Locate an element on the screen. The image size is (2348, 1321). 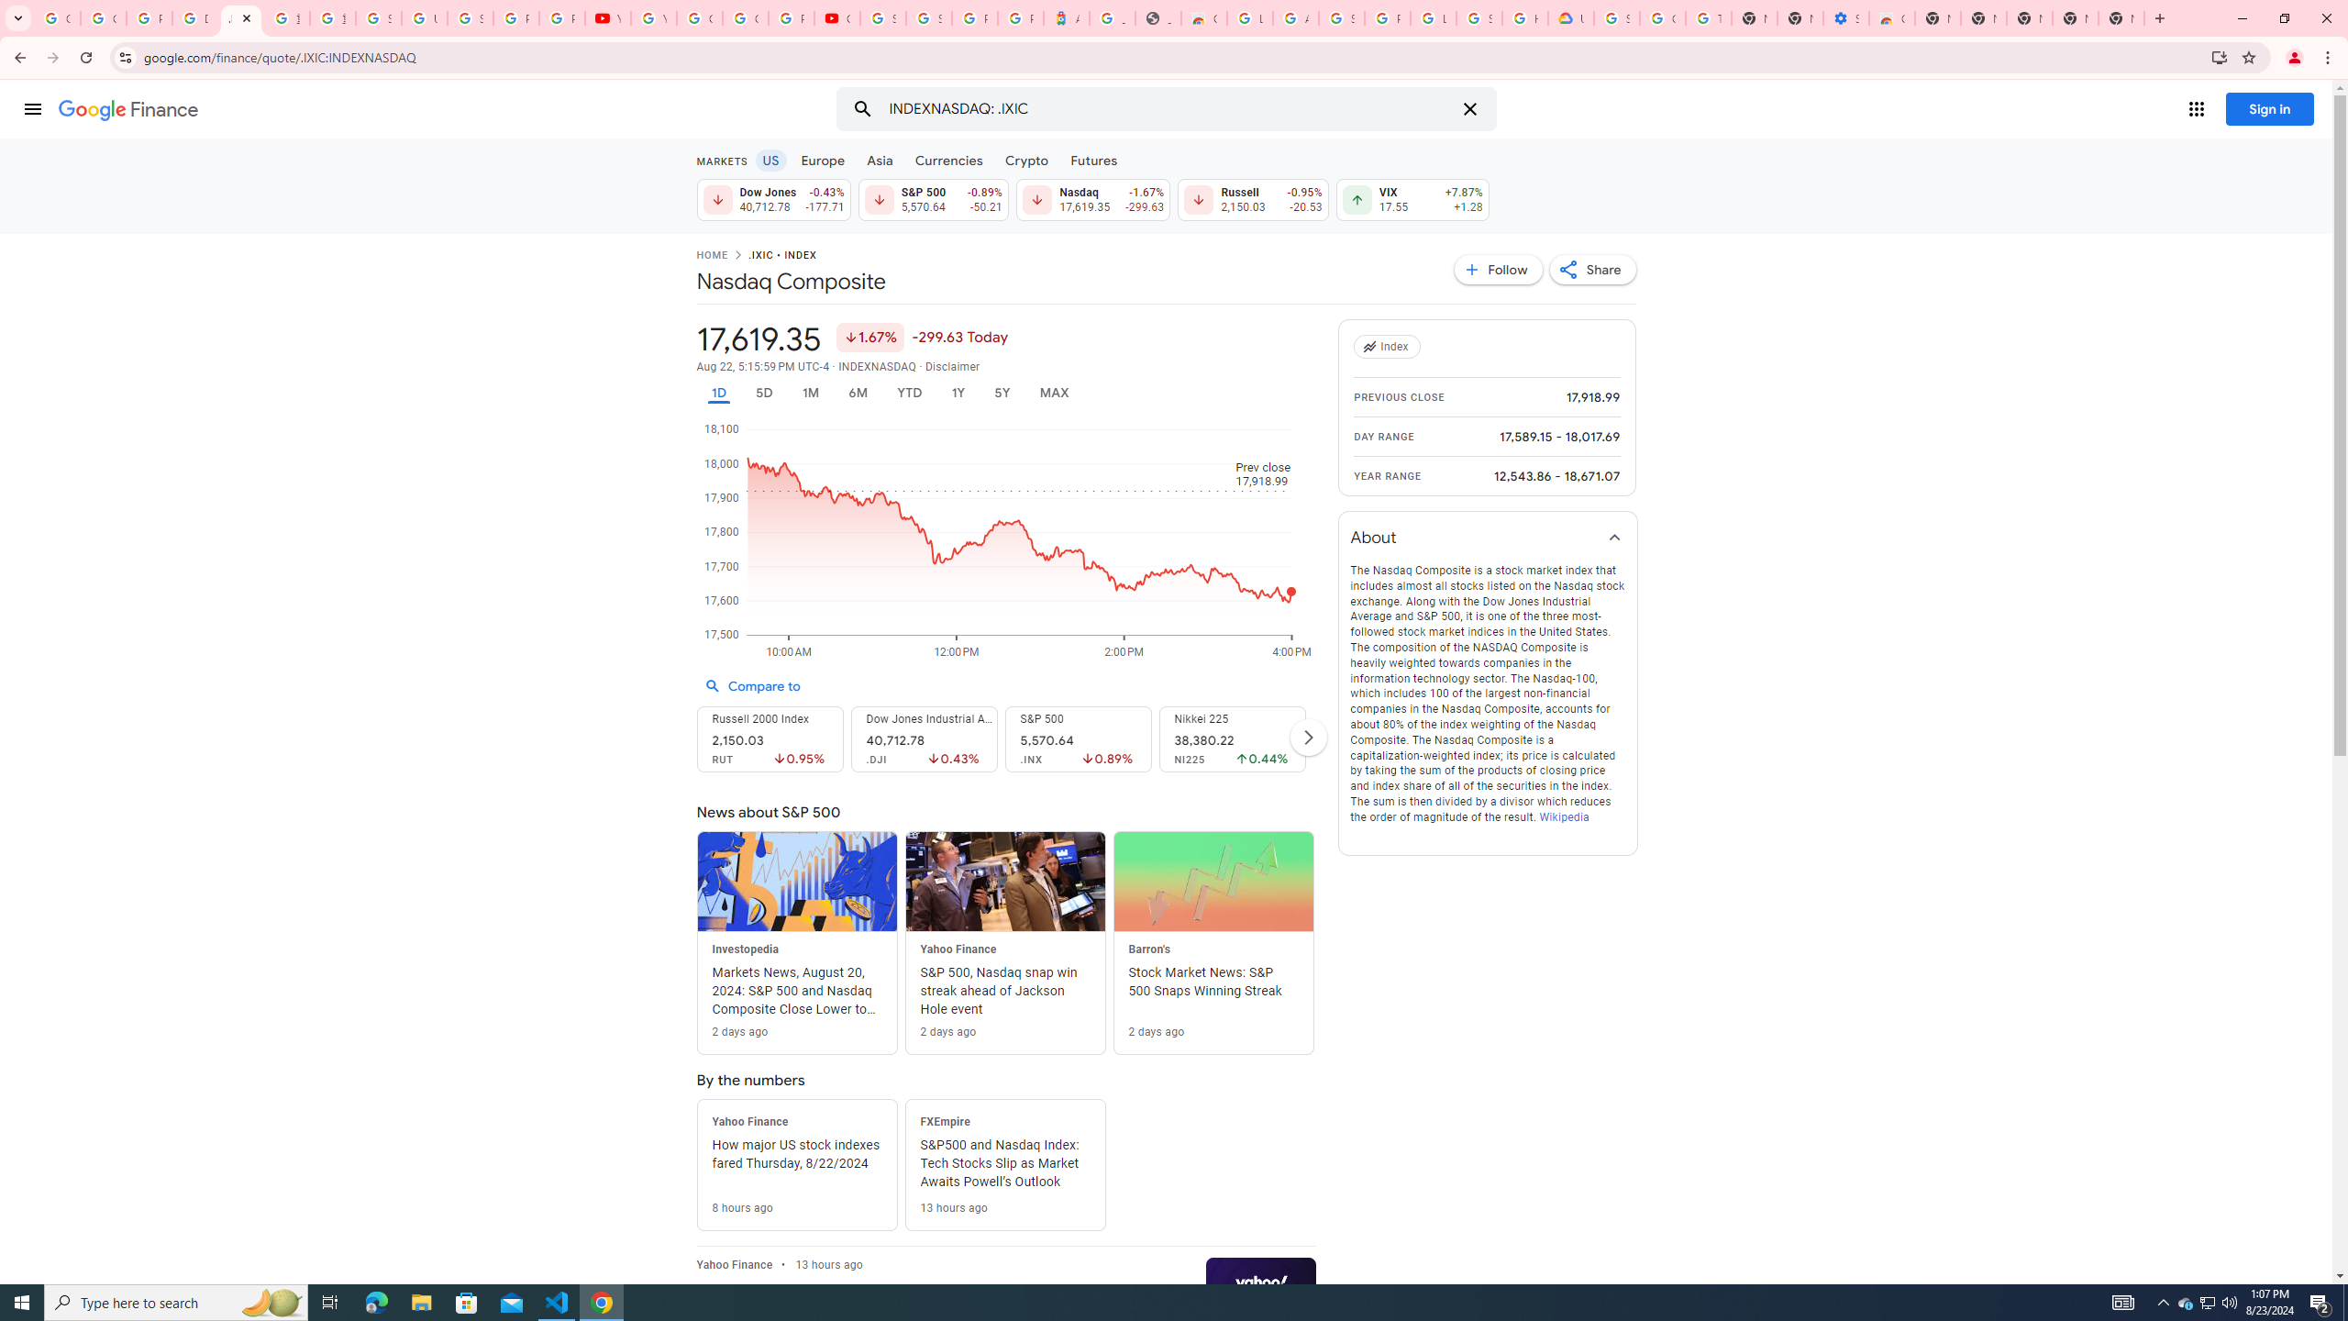
'Disclaimer' is located at coordinates (953, 366).